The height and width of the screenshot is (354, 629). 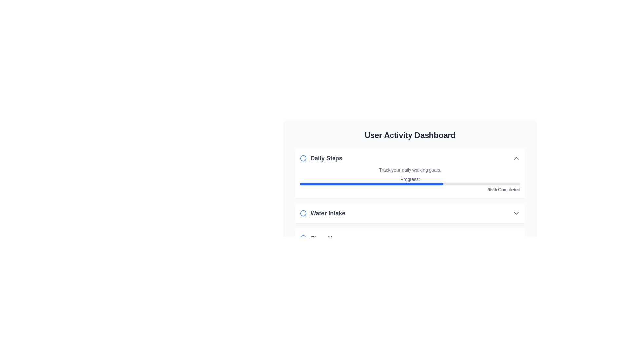 What do you see at coordinates (410, 184) in the screenshot?
I see `the Progress Bar indicating 65% completion located below the labeled text 'Progress:' and above '65% Completed' within the 'Daily Steps' card of the User Activity Dashboard` at bounding box center [410, 184].